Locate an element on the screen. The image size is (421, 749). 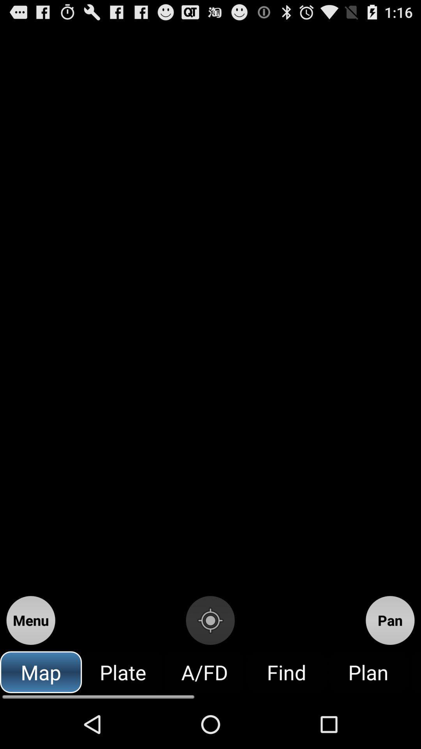
icon next to pan item is located at coordinates (210, 620).